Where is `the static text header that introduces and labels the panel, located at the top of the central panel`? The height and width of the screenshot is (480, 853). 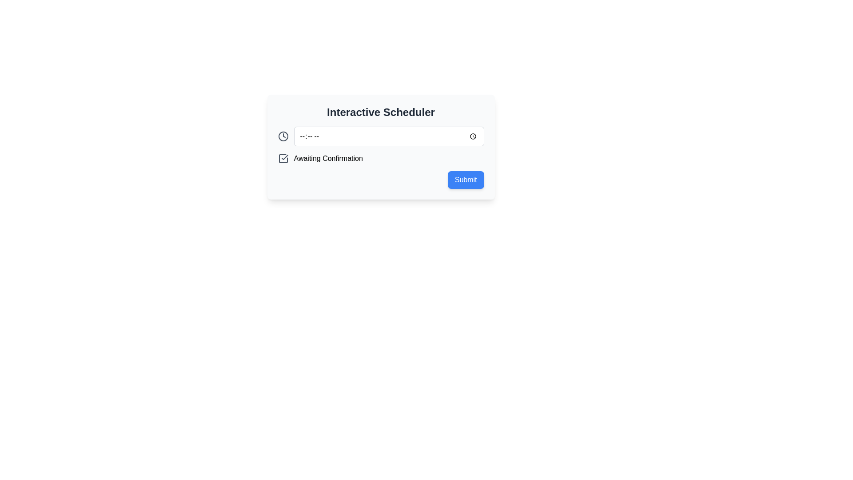
the static text header that introduces and labels the panel, located at the top of the central panel is located at coordinates (381, 112).